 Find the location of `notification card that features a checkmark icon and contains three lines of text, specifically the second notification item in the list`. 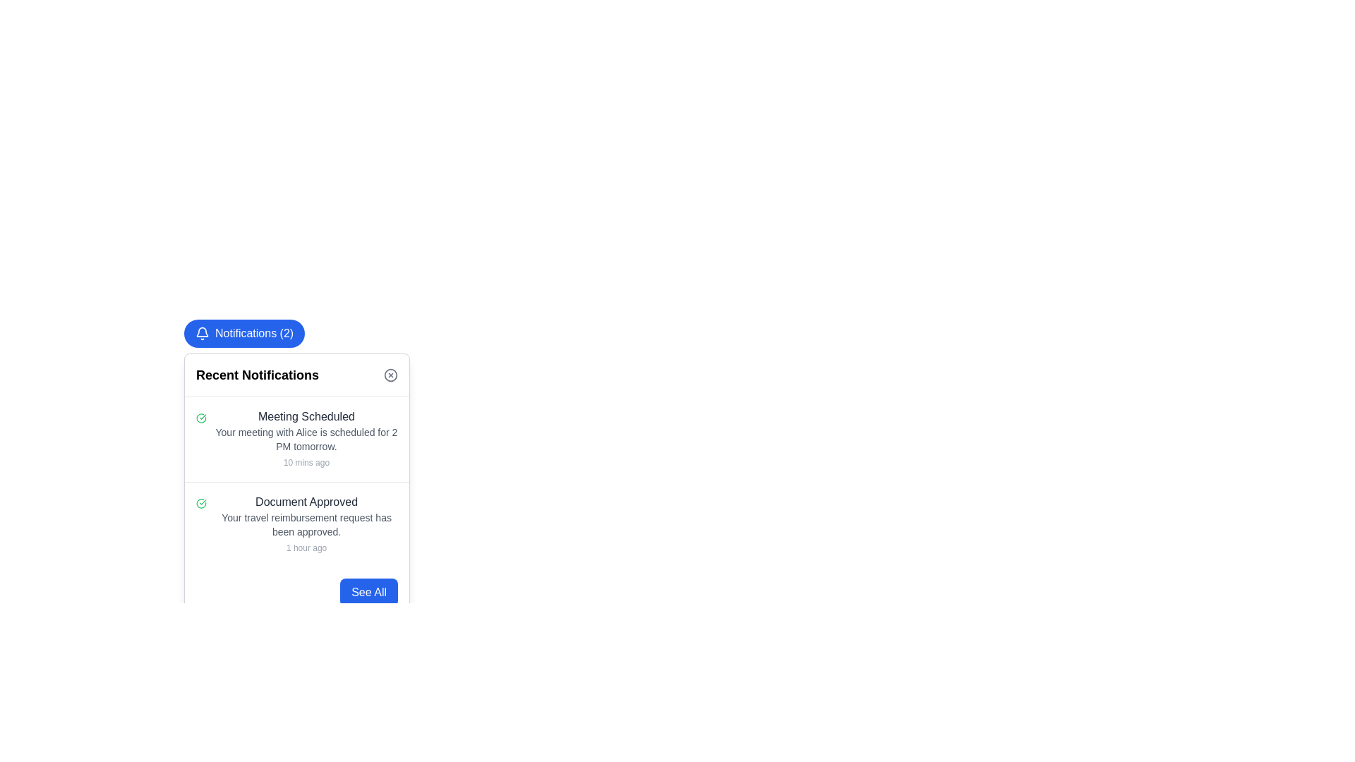

notification card that features a checkmark icon and contains three lines of text, specifically the second notification item in the list is located at coordinates (296, 524).